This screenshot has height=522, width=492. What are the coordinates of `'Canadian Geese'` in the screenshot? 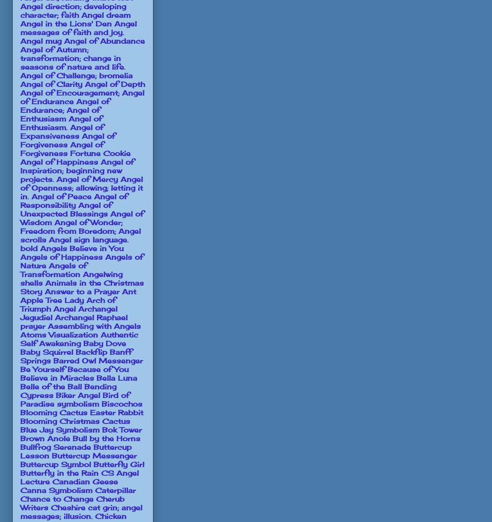 It's located at (85, 481).